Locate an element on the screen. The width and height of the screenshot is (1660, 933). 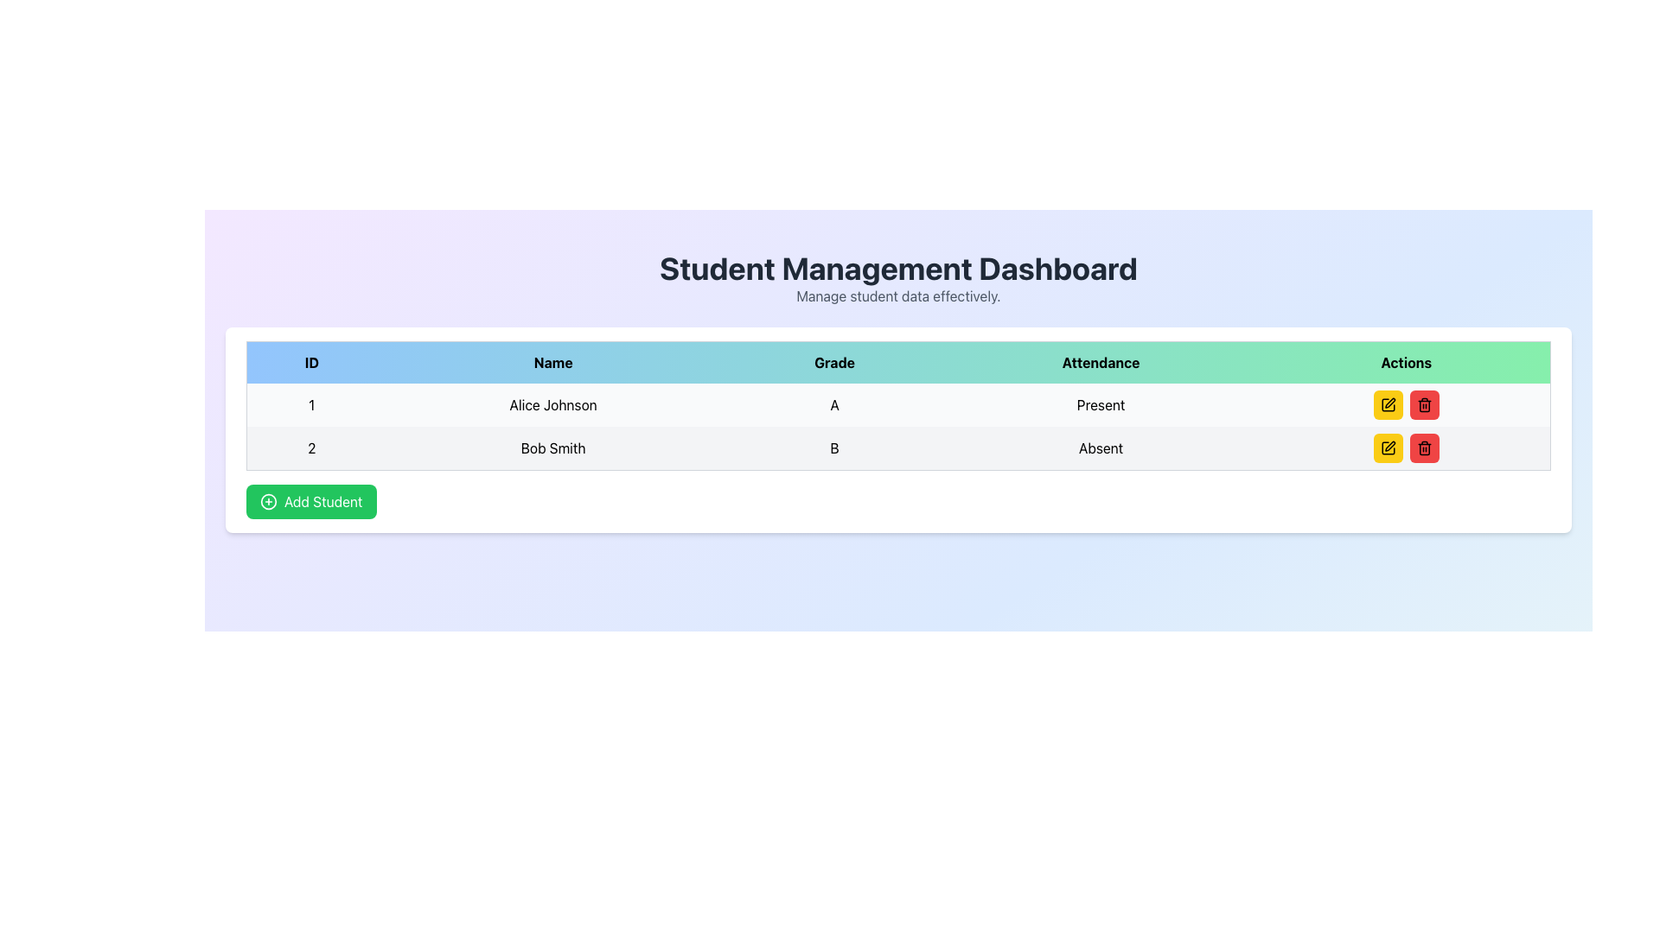
the editing icon located under the 'Actions' header in the 'Bob Smith' row of the table is located at coordinates (1388, 447).